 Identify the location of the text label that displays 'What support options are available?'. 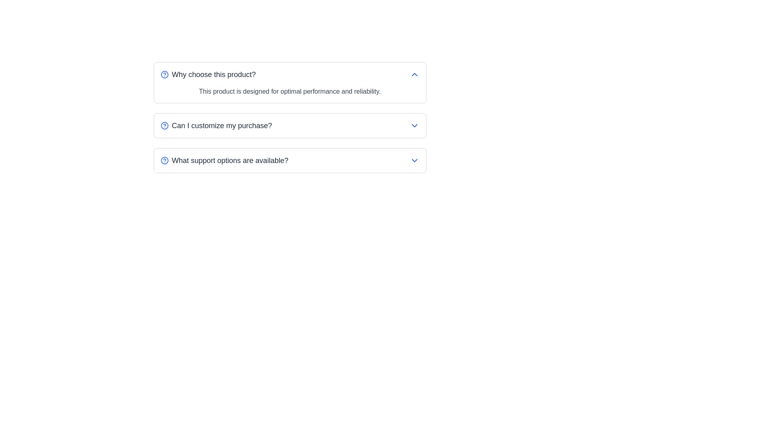
(230, 161).